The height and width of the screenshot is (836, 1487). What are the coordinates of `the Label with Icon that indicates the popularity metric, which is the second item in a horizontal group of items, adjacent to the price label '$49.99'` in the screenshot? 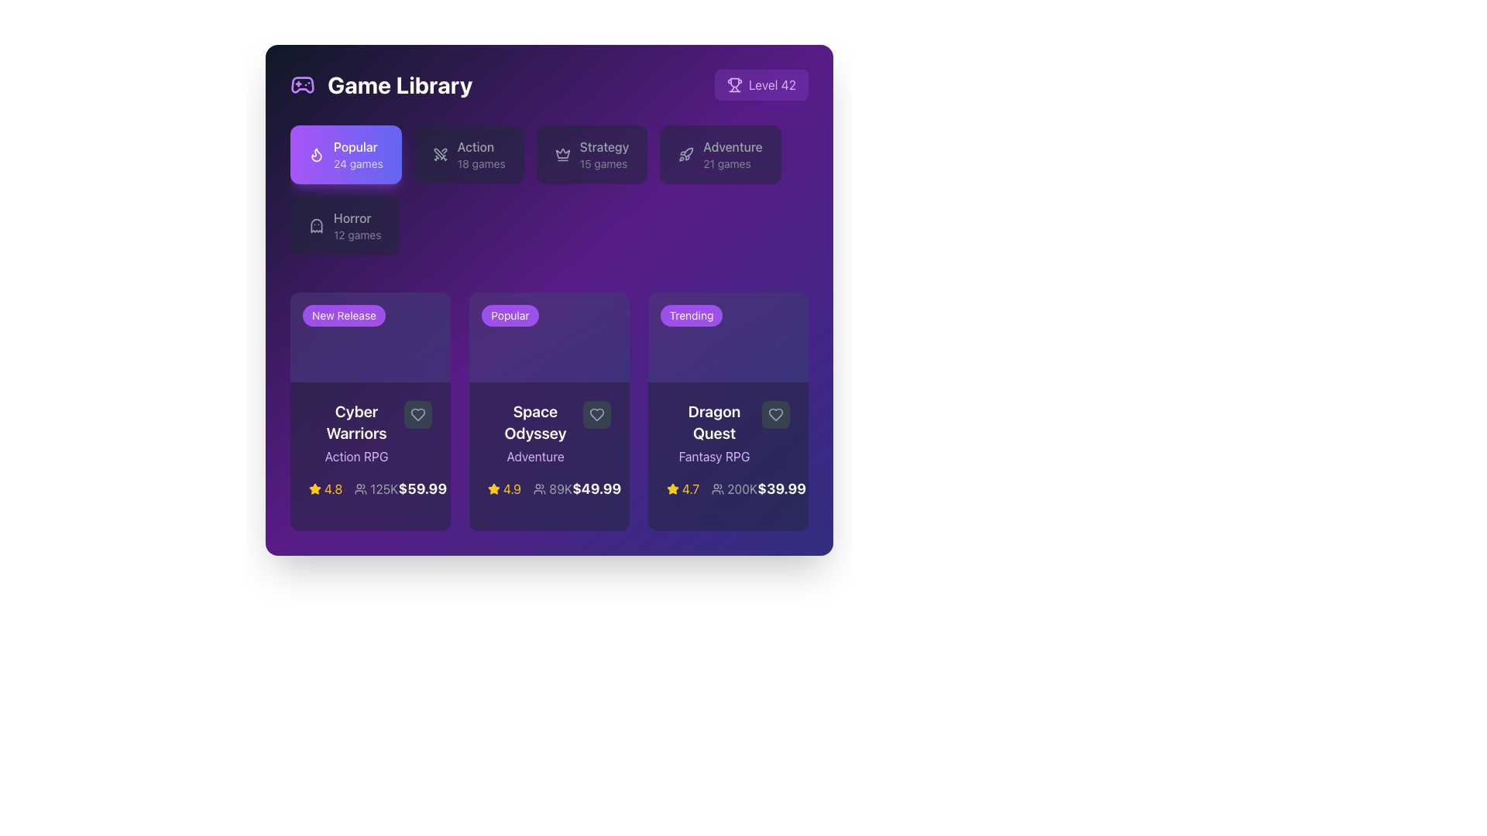 It's located at (553, 489).